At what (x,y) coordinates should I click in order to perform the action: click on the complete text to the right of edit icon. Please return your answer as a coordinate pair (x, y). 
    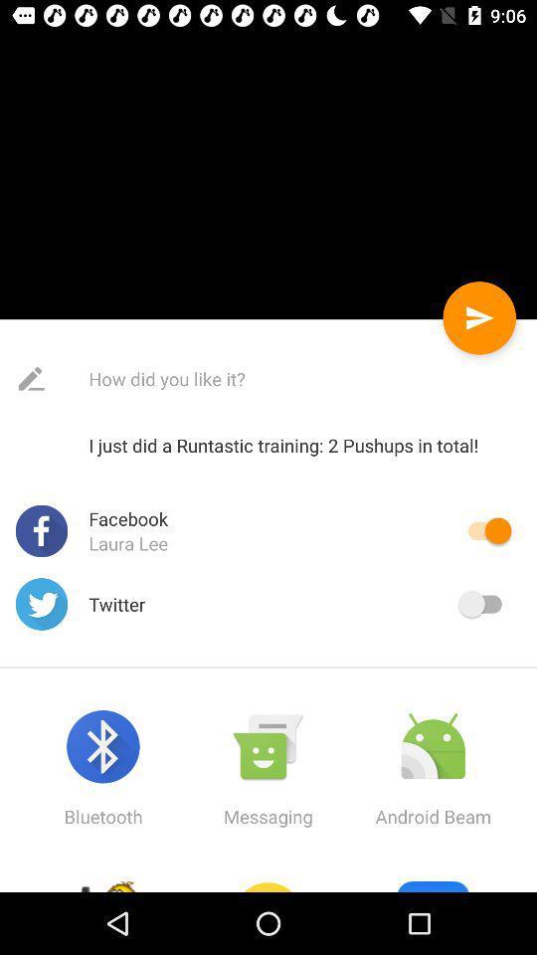
    Looking at the image, I should click on (253, 378).